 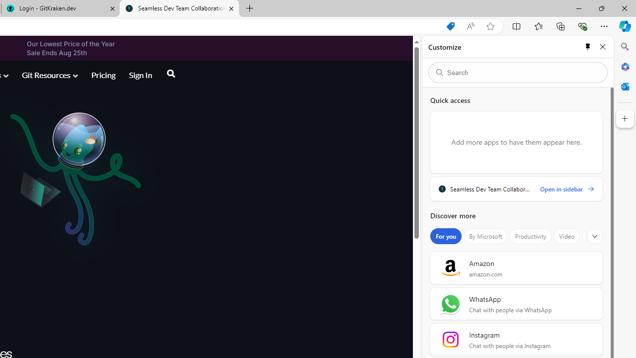 I want to click on 'For you', so click(x=446, y=236).